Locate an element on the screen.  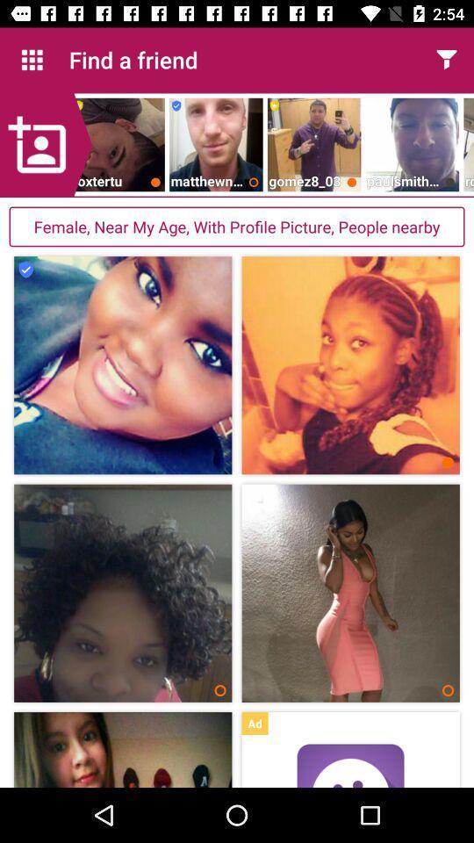
the follow icon is located at coordinates (46, 144).